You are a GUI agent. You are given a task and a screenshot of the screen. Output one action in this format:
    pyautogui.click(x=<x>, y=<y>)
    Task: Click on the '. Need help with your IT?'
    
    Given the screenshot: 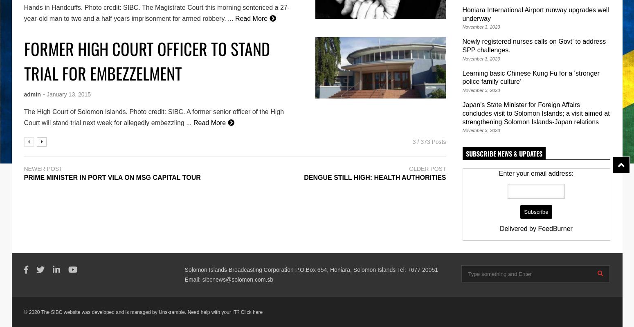 What is the action you would take?
    pyautogui.click(x=184, y=312)
    